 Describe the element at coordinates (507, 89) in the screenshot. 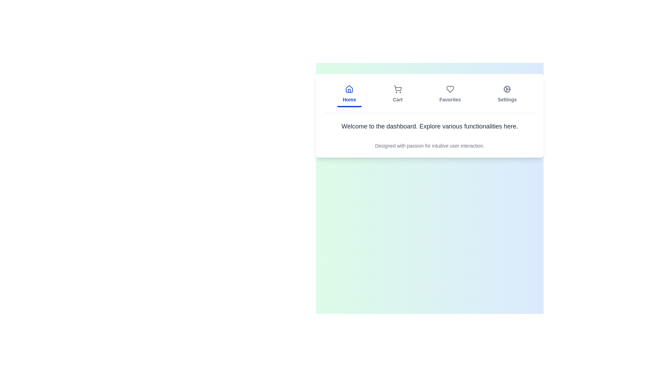

I see `the settings icon, which is a cogwheel located in the top horizontal menu bar, fourth from the left` at that location.